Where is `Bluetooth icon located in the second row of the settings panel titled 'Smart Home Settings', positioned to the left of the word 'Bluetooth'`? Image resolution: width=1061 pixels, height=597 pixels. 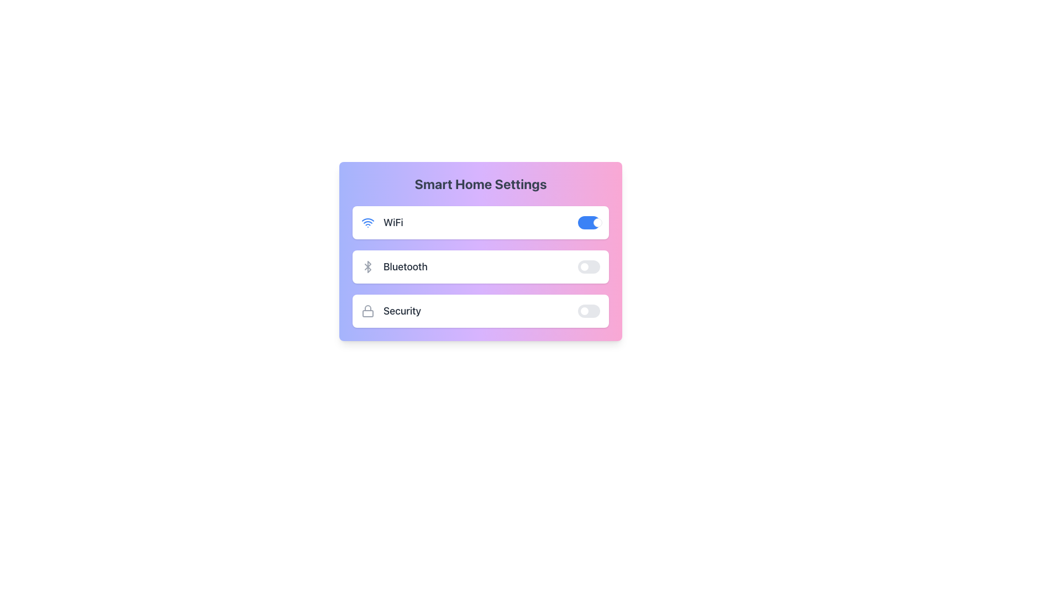
Bluetooth icon located in the second row of the settings panel titled 'Smart Home Settings', positioned to the left of the word 'Bluetooth' is located at coordinates (368, 266).